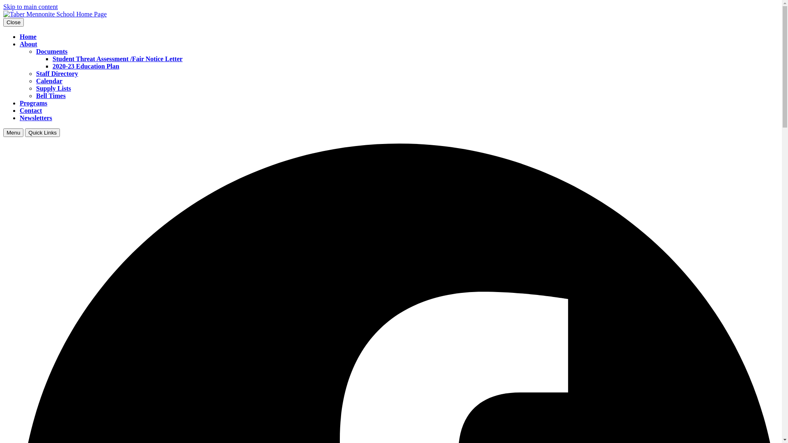 This screenshot has height=443, width=788. Describe the element at coordinates (35, 118) in the screenshot. I see `'Newsletters'` at that location.